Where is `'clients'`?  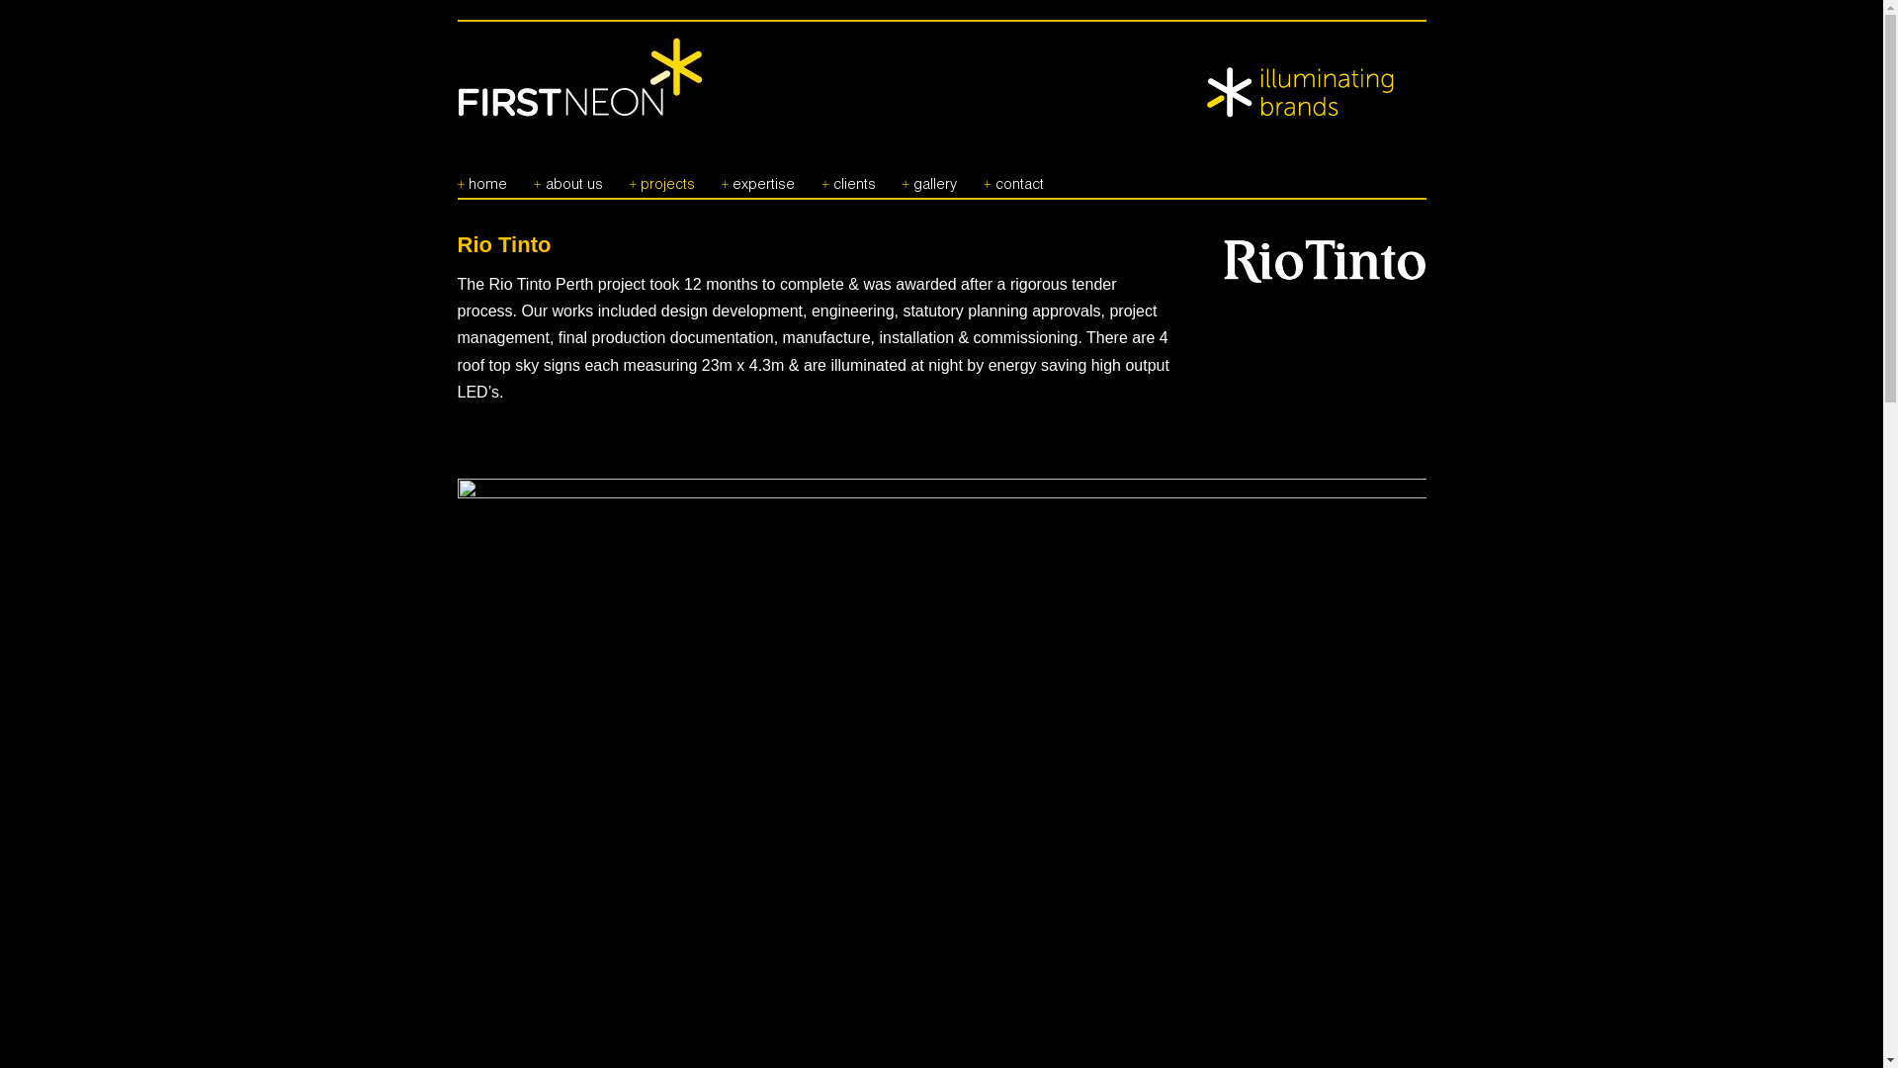
'clients' is located at coordinates (848, 176).